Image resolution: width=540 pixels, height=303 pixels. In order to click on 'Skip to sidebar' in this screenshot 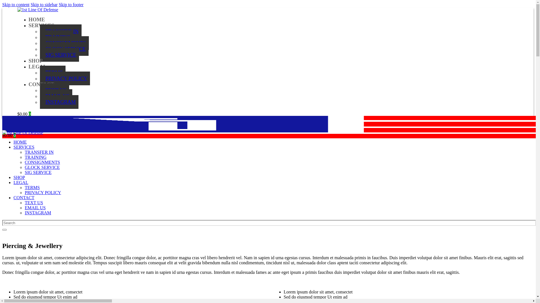, I will do `click(44, 4)`.